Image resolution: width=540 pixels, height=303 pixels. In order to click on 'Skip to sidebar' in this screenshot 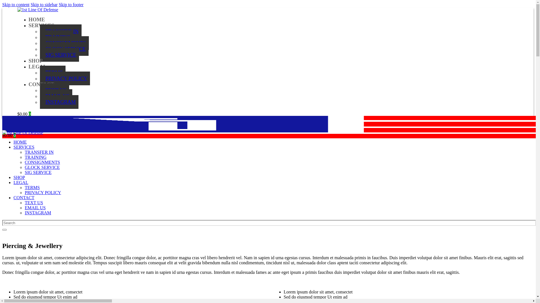, I will do `click(44, 4)`.